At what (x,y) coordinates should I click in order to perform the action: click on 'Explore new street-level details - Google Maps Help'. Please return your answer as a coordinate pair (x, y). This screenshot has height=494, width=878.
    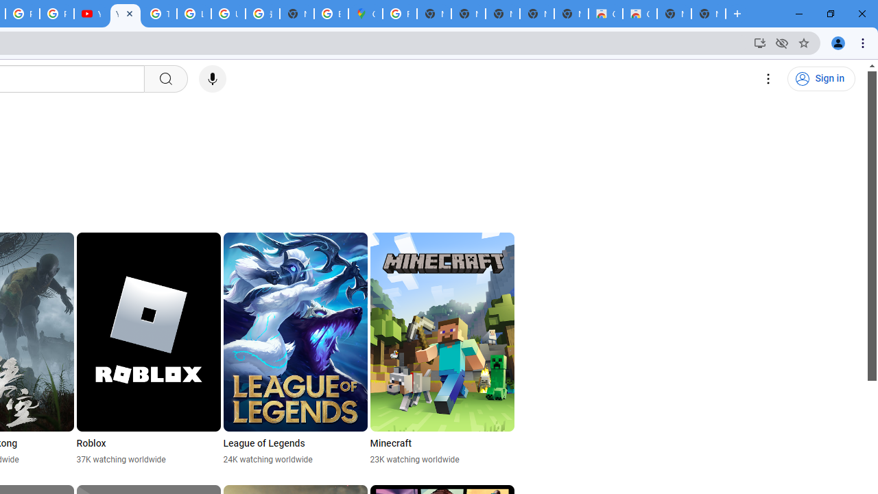
    Looking at the image, I should click on (331, 14).